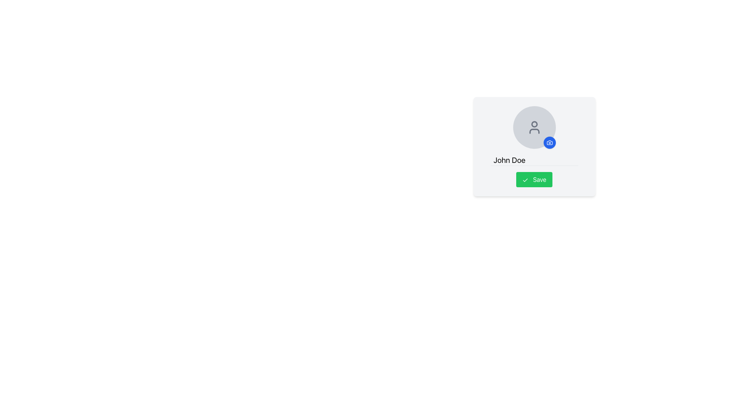 The width and height of the screenshot is (732, 411). I want to click on the blue circular button with a white camera icon located at the bottom-right corner of the circular profile avatar, so click(549, 142).